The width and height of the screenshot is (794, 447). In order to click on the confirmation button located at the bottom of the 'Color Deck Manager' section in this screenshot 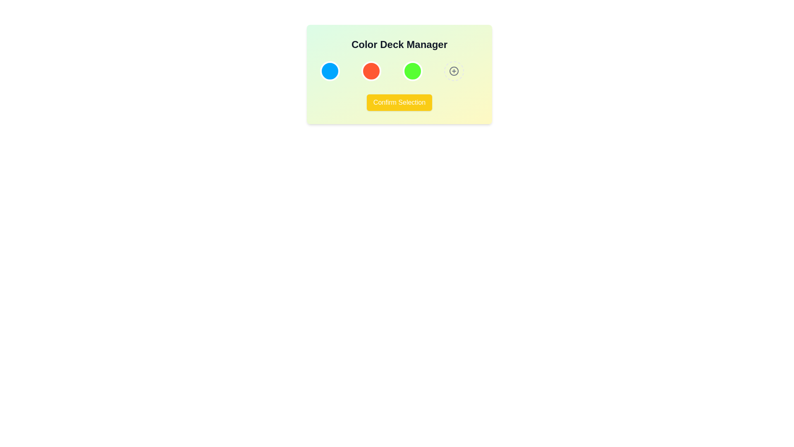, I will do `click(399, 102)`.